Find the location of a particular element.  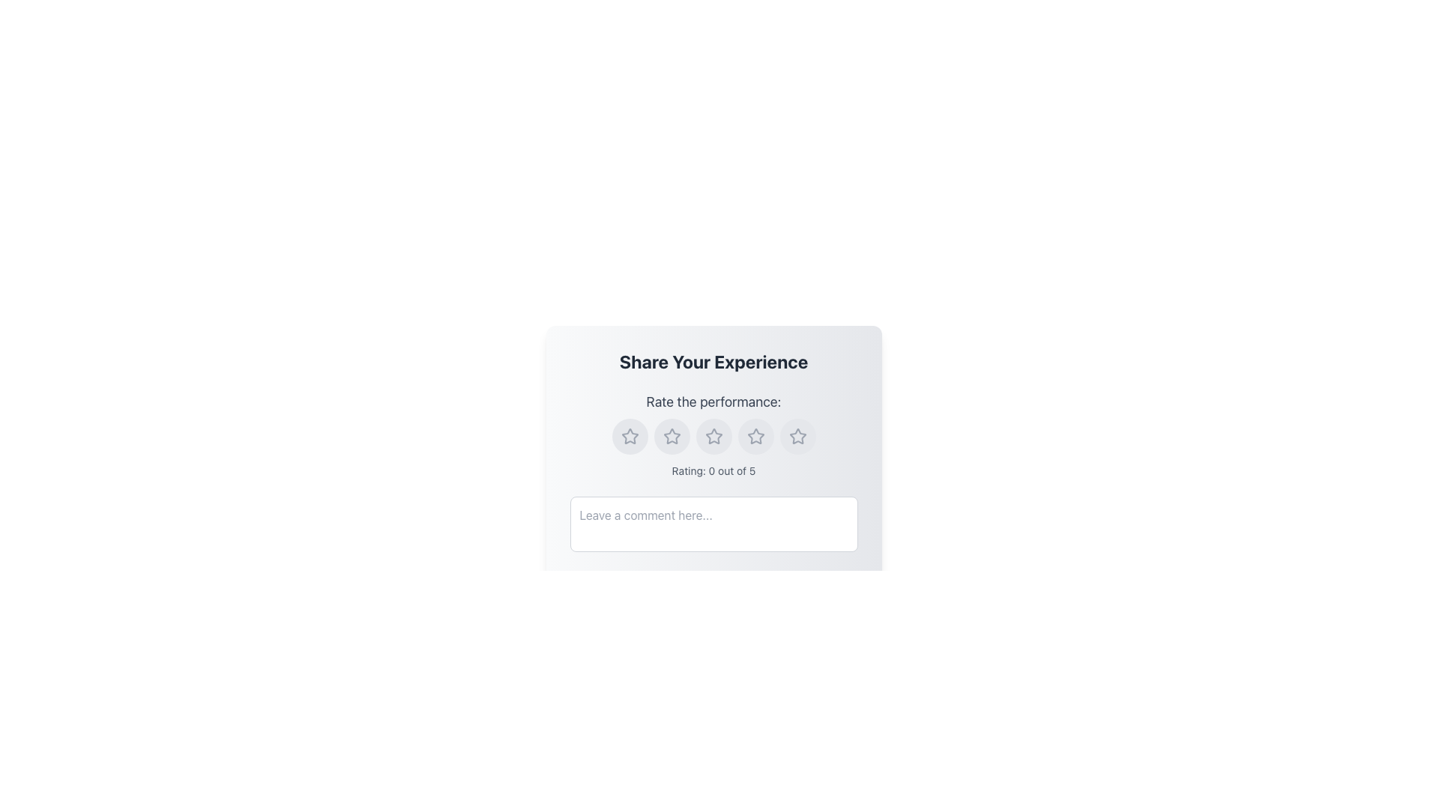

the first rating star icon in the circular button is located at coordinates (630, 436).